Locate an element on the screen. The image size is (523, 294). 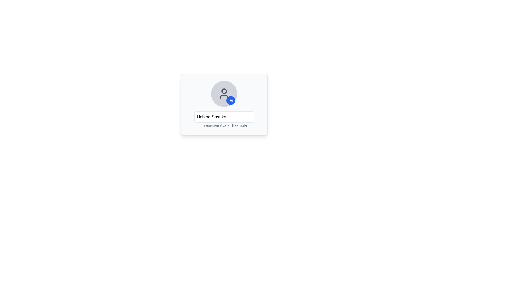
the floppy disk icon associated with the 'Save' function, located in the rounded circular overlay near the bottom-right corner of the avatar image is located at coordinates (230, 100).